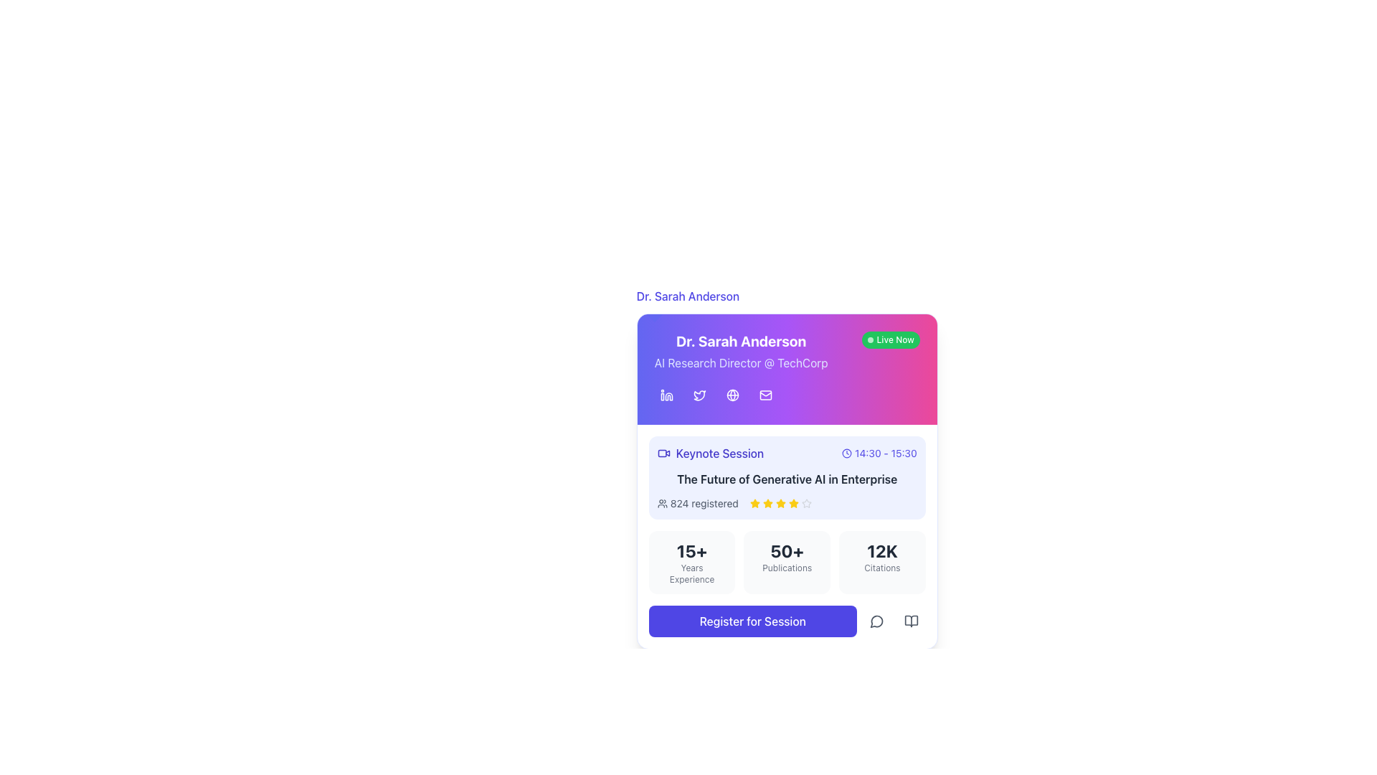 This screenshot has width=1377, height=775. I want to click on the Twitter icon located in the horizontal row of social media icons below the user profile card, so click(699, 395).